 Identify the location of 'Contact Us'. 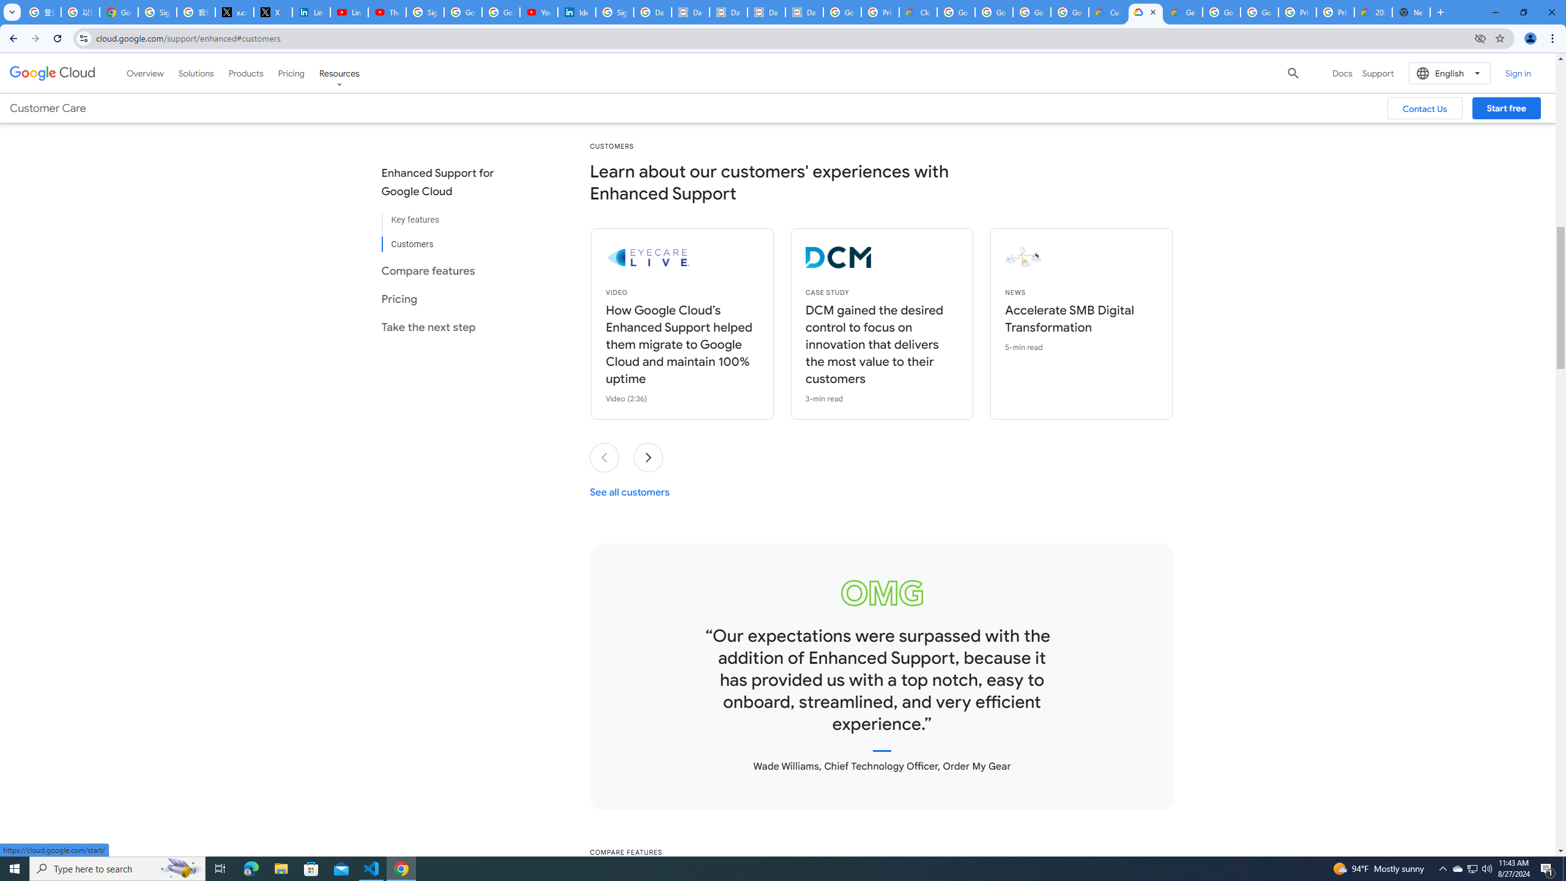
(1424, 108).